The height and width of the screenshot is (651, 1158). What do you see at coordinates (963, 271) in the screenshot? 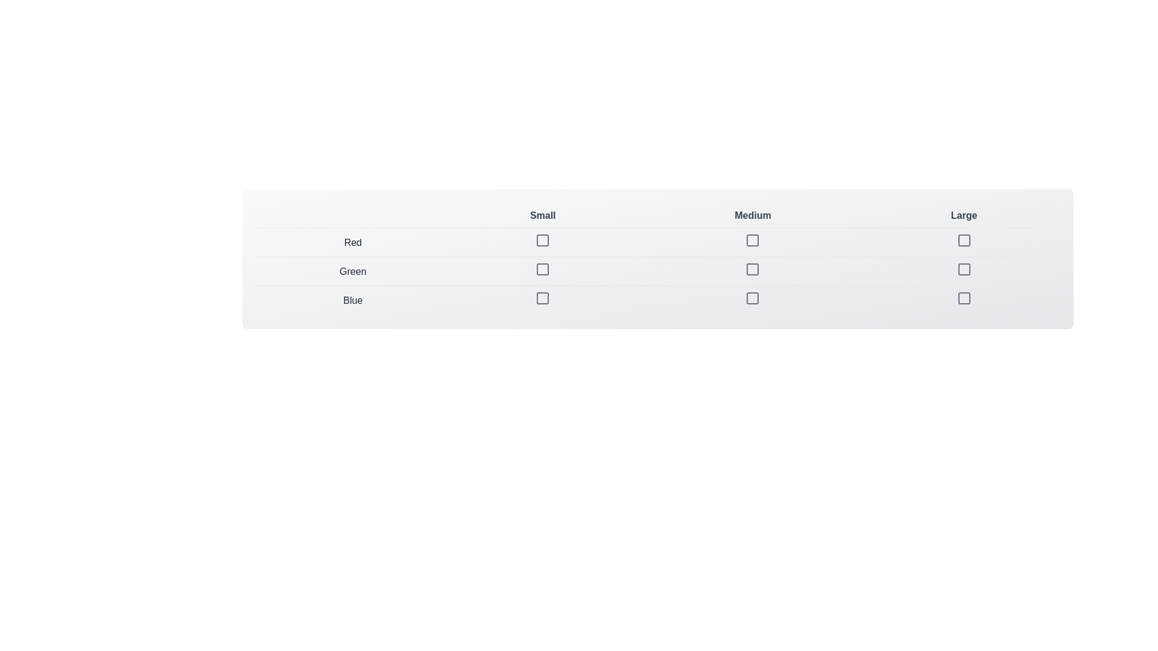
I see `the checkbox for the 'Green' category under the 'Large' size option, which is the third checkbox from the left` at bounding box center [963, 271].